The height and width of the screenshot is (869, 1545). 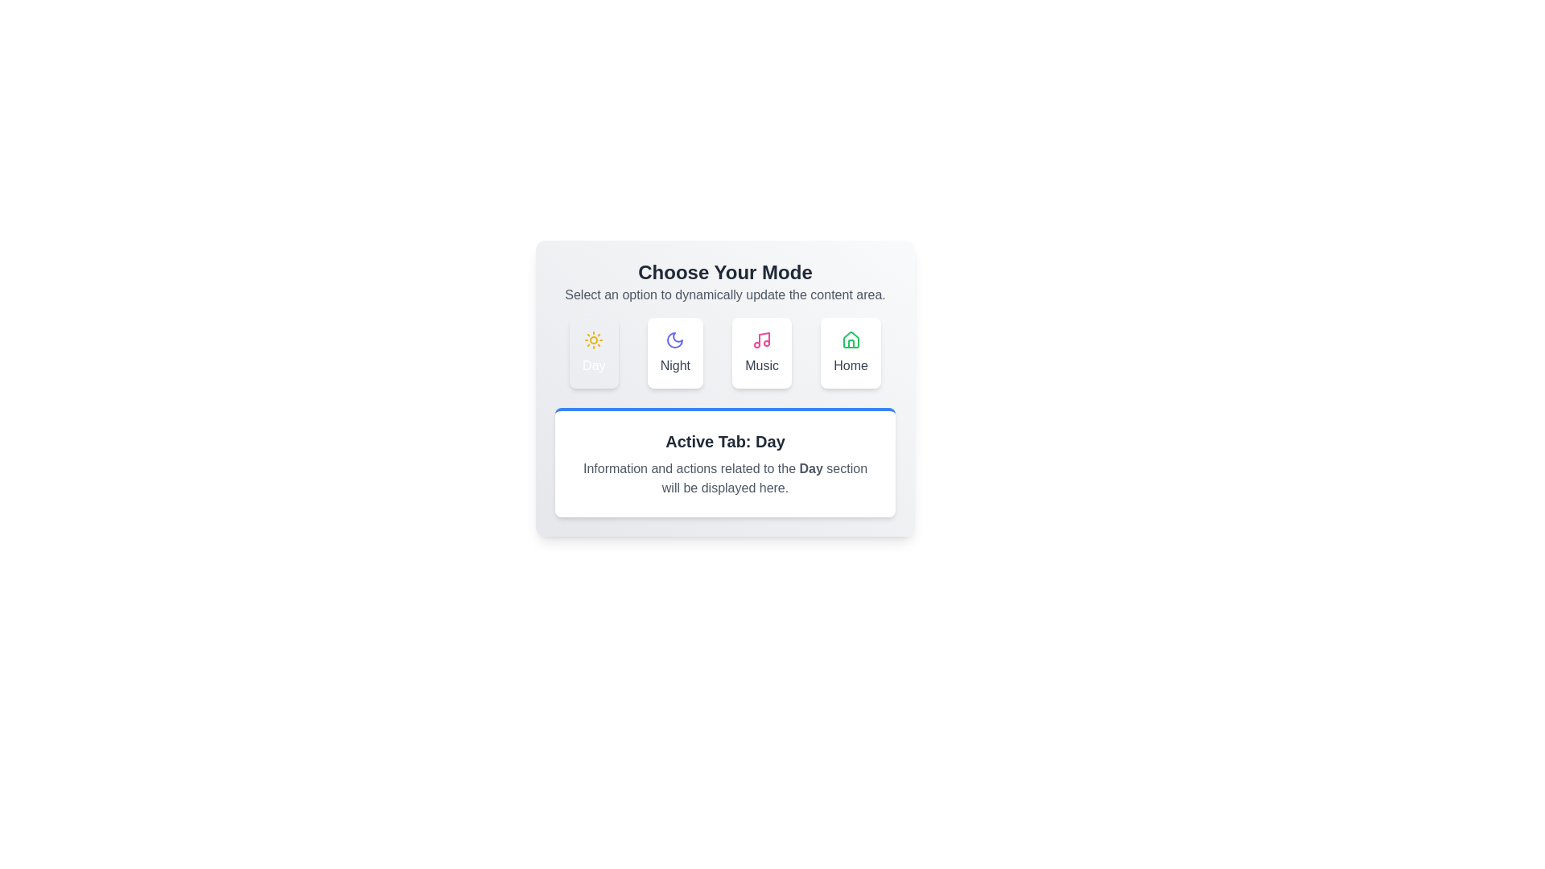 What do you see at coordinates (593, 352) in the screenshot?
I see `the 'Day' mode button, which is the first button in the 'Choose Your Mode' group` at bounding box center [593, 352].